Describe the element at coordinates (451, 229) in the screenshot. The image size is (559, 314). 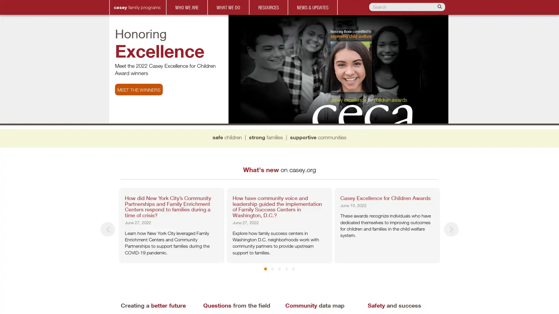
I see `Next` at that location.